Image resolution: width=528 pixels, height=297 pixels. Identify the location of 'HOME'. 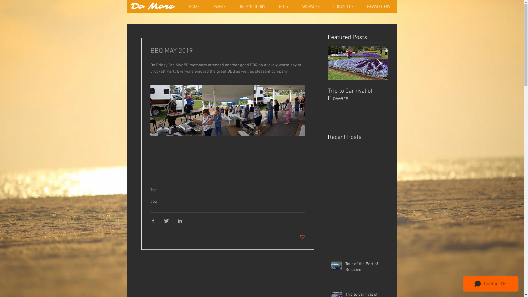
(194, 6).